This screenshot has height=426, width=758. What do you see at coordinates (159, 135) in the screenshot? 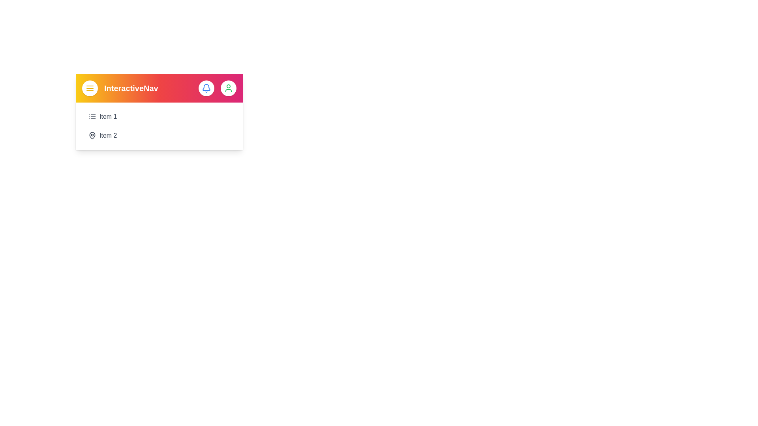
I see `the 'Item 2' button in the menu` at bounding box center [159, 135].